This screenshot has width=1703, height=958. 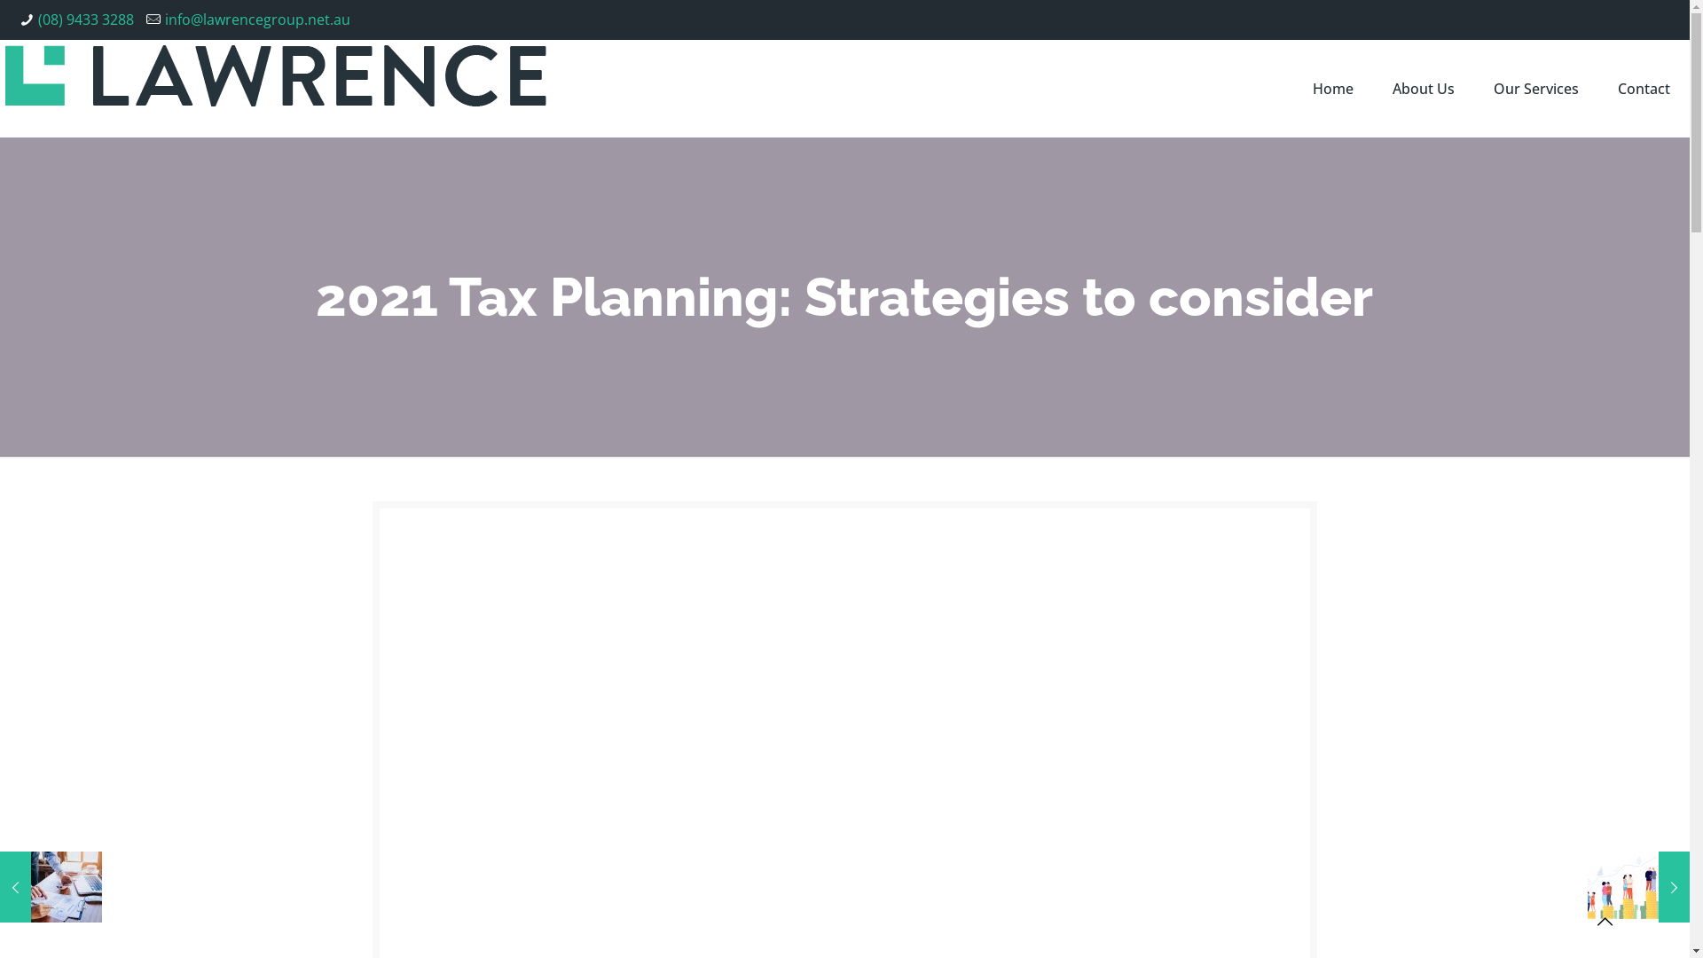 I want to click on 'Home', so click(x=1332, y=89).